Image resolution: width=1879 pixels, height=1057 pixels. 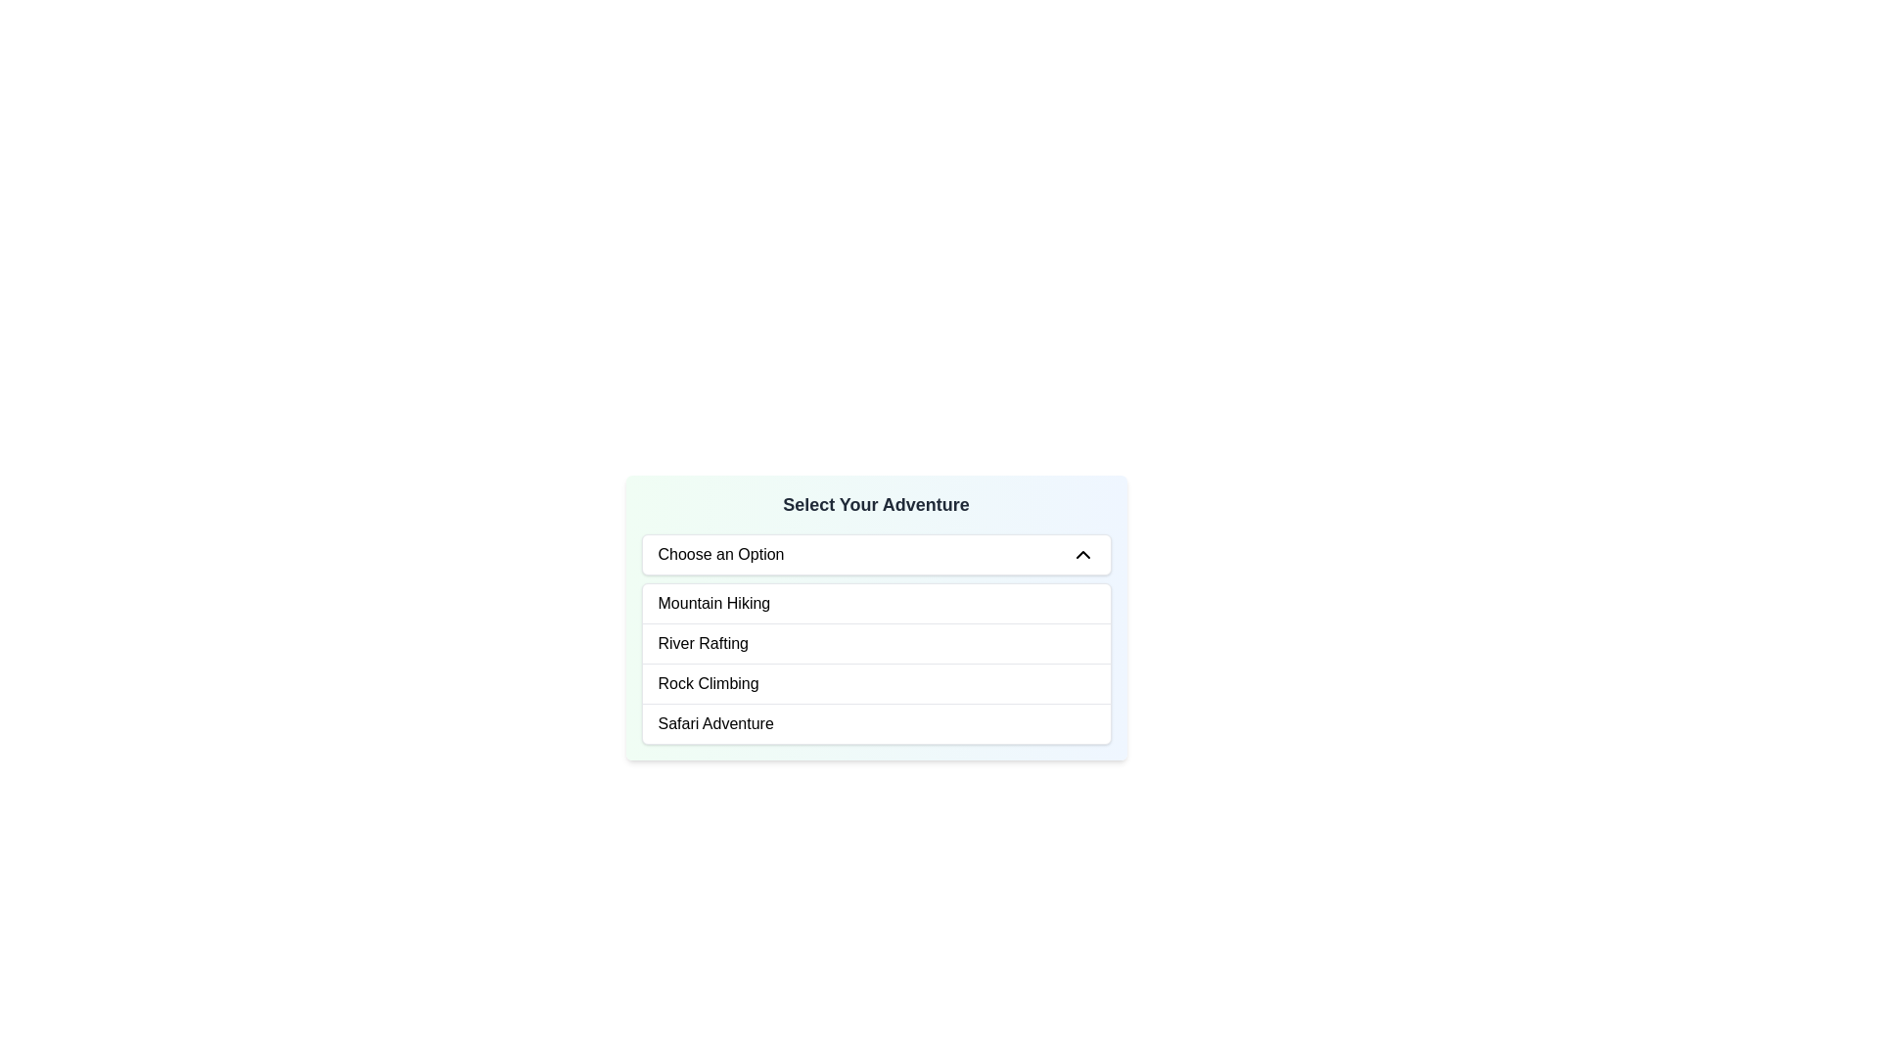 What do you see at coordinates (708, 682) in the screenshot?
I see `the 'Rock Climbing' option in the dropdown menu titled 'Select Your Adventure'` at bounding box center [708, 682].